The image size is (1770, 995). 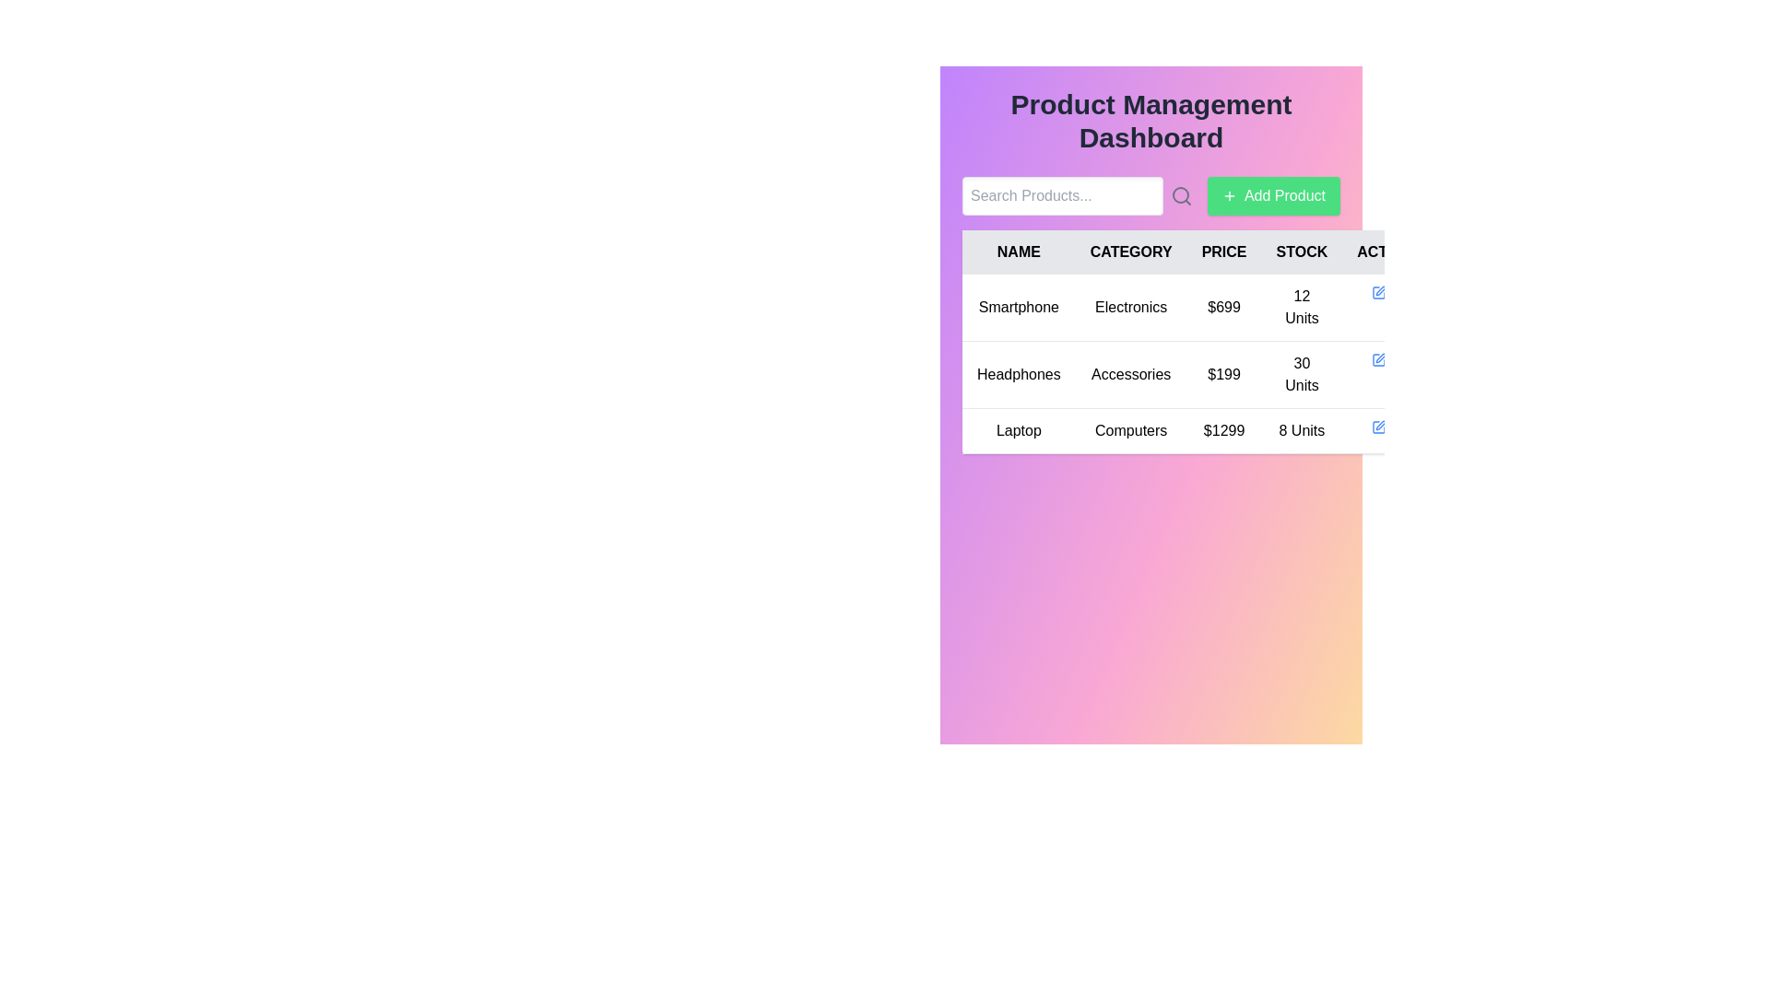 What do you see at coordinates (1273, 195) in the screenshot?
I see `the green 'Add Product' button with white text and a '+' icon` at bounding box center [1273, 195].